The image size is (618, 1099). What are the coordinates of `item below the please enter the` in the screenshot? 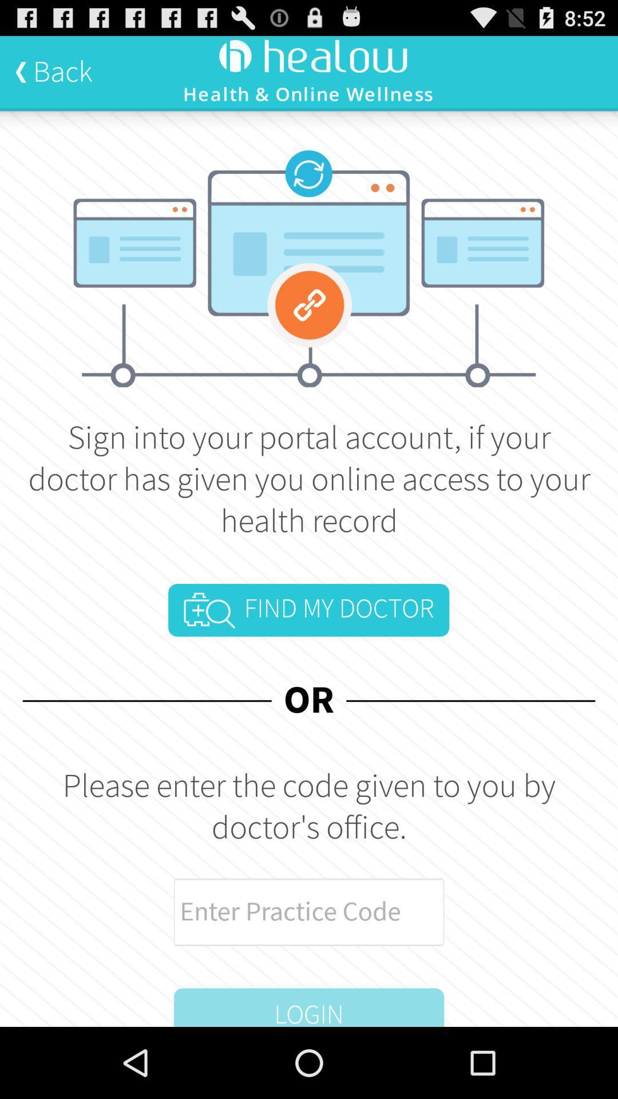 It's located at (309, 911).